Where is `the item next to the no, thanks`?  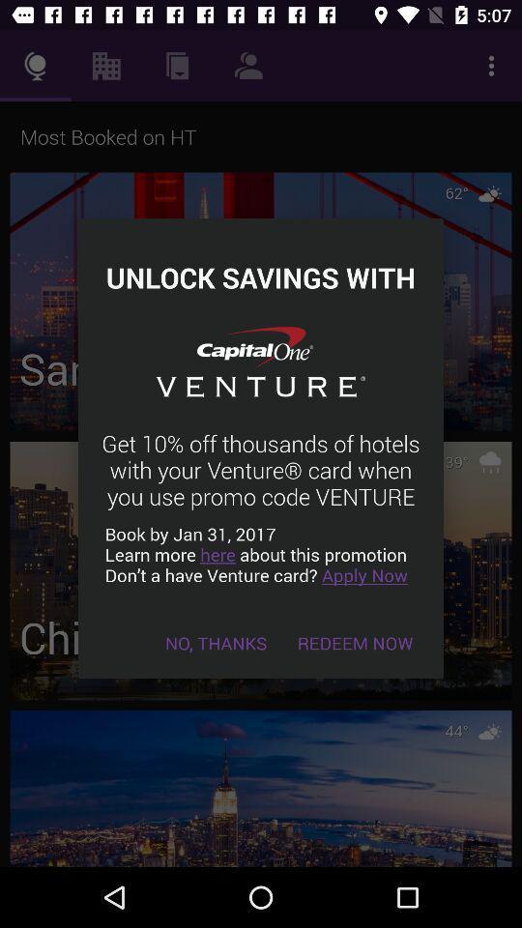
the item next to the no, thanks is located at coordinates (354, 643).